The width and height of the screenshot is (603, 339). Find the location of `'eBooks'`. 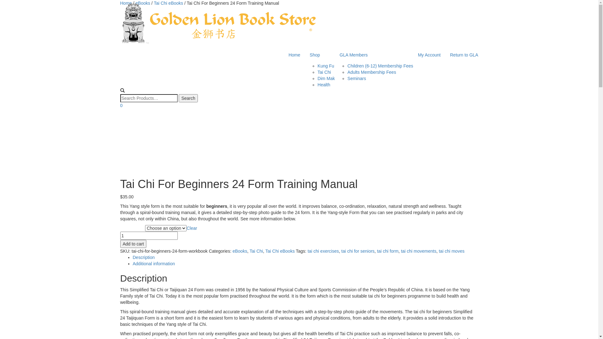

'eBooks' is located at coordinates (143, 3).